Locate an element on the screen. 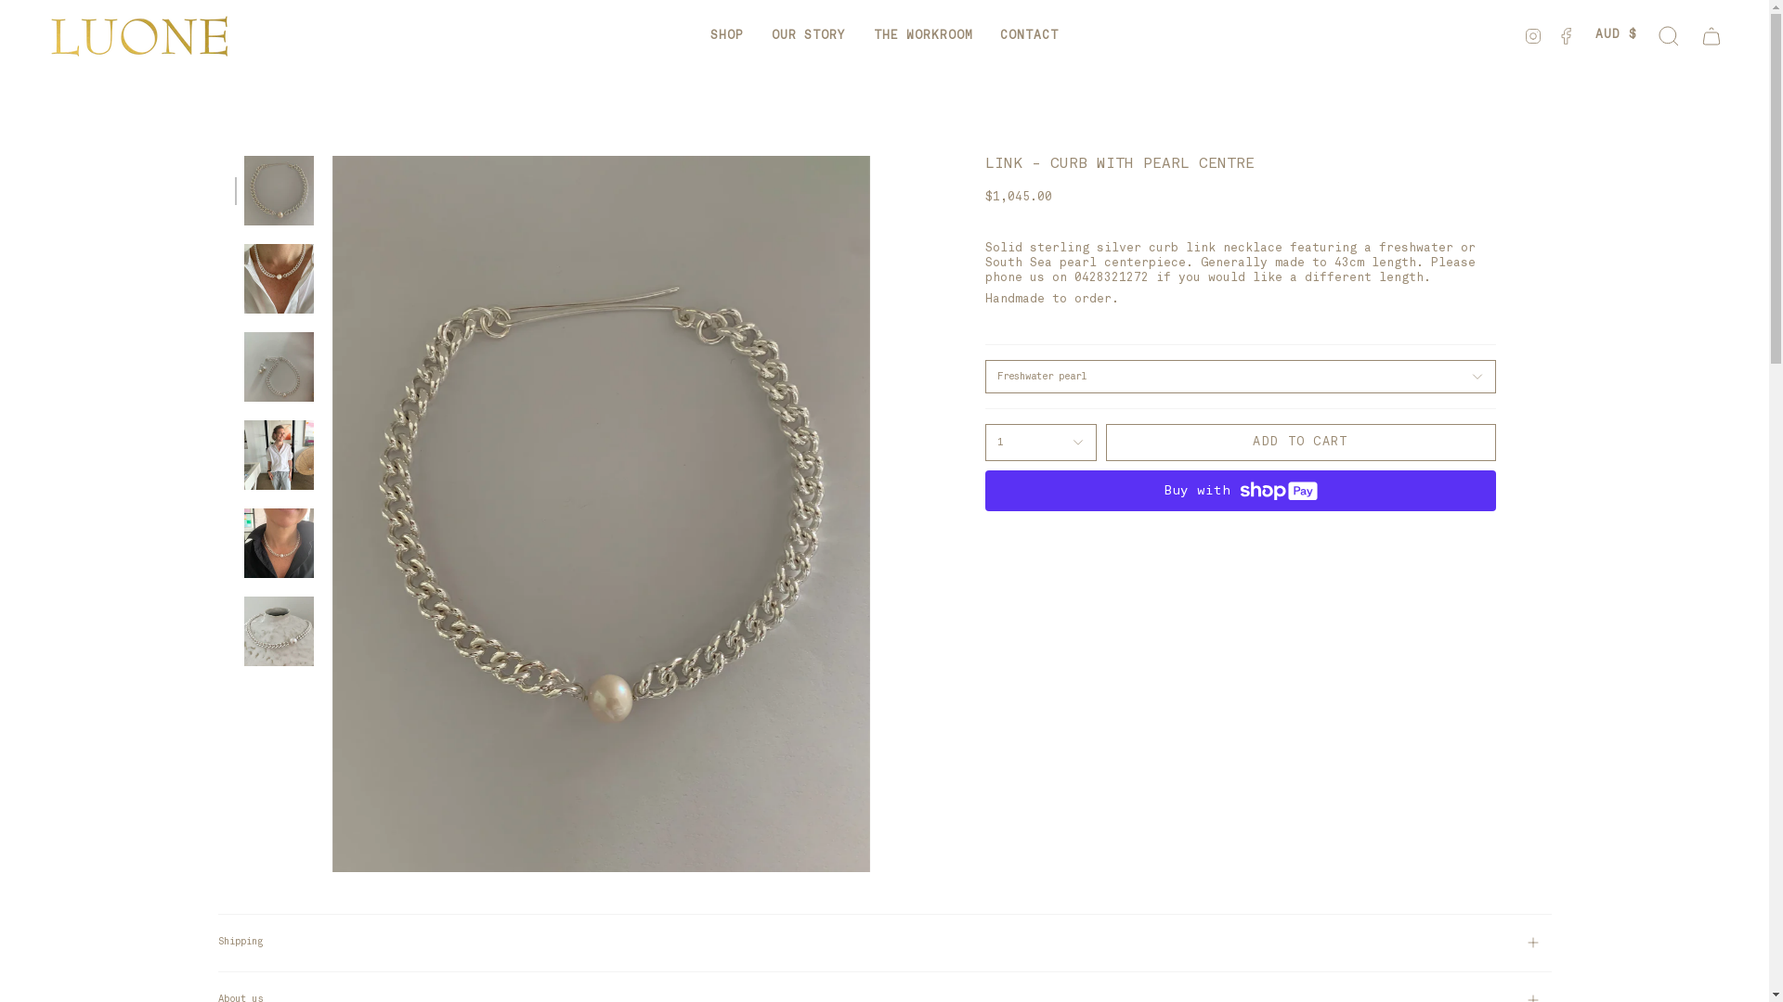 The width and height of the screenshot is (1783, 1002). 'CART' is located at coordinates (1711, 35).